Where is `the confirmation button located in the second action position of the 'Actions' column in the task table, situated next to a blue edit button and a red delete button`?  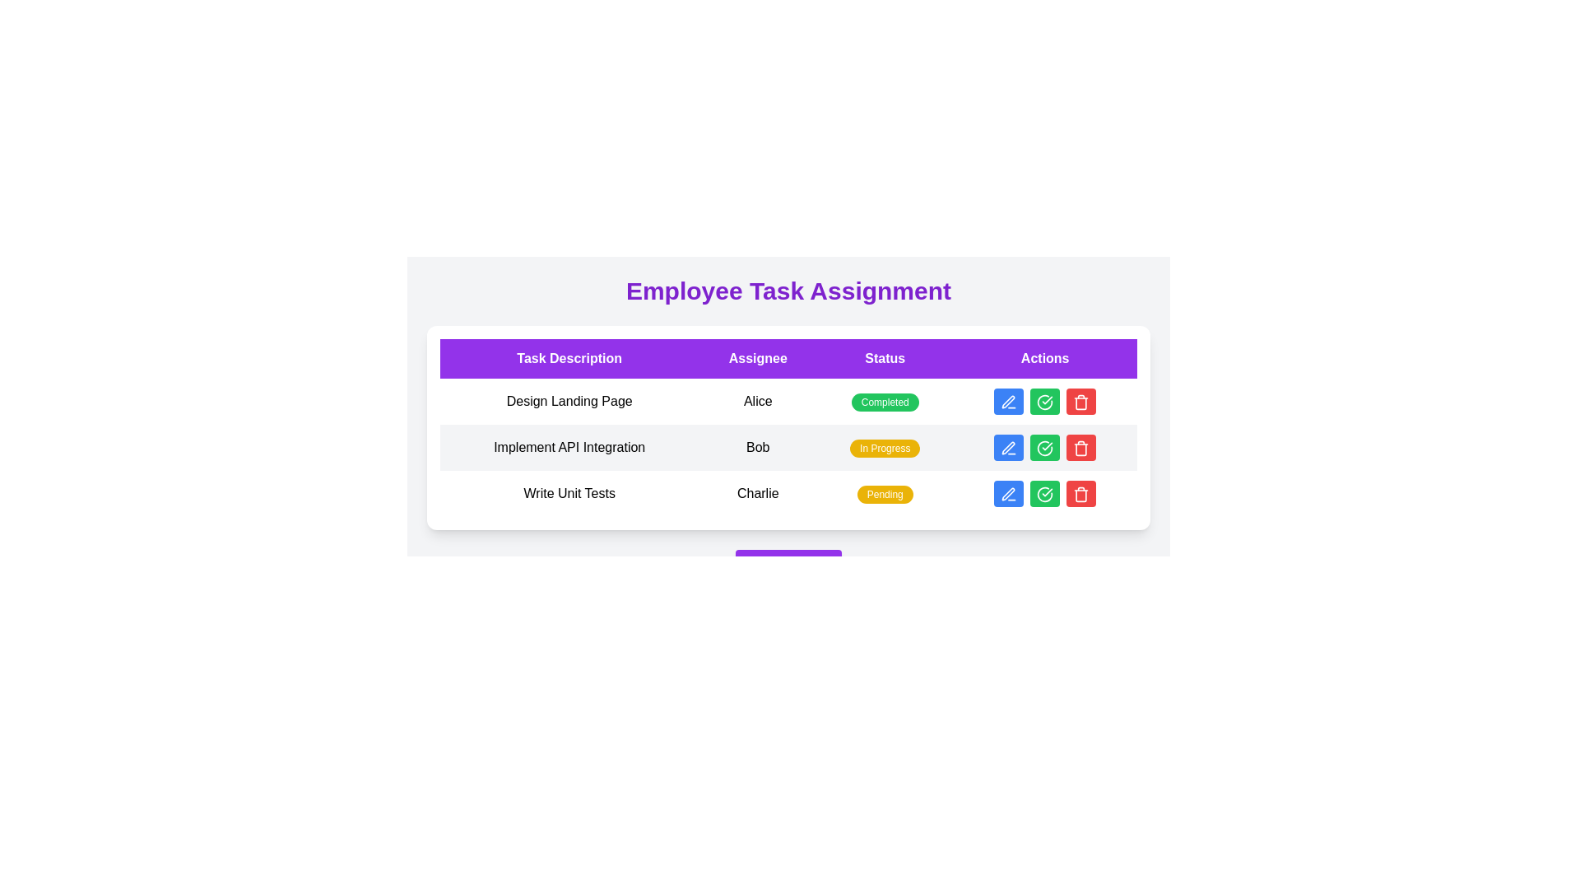 the confirmation button located in the second action position of the 'Actions' column in the task table, situated next to a blue edit button and a red delete button is located at coordinates (1044, 402).